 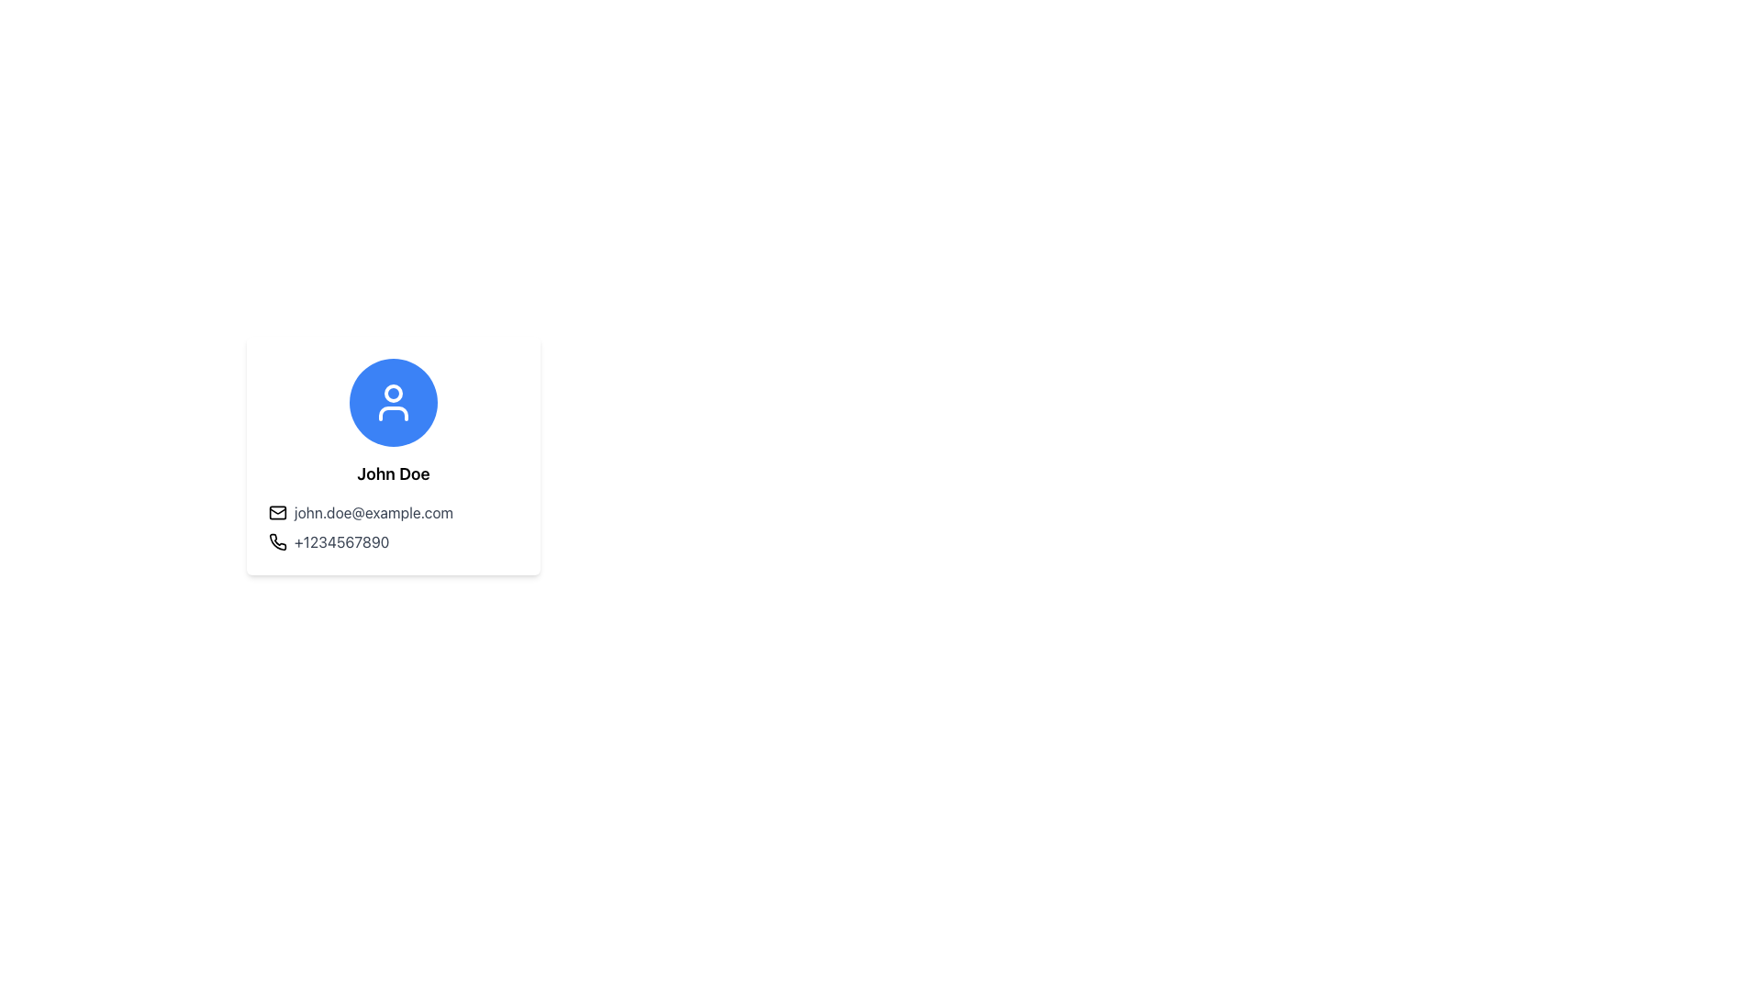 What do you see at coordinates (392, 473) in the screenshot?
I see `the prominent text label displaying the name 'John Doe' in bold font, which is located beneath the avatar icon and above the email and phone information` at bounding box center [392, 473].